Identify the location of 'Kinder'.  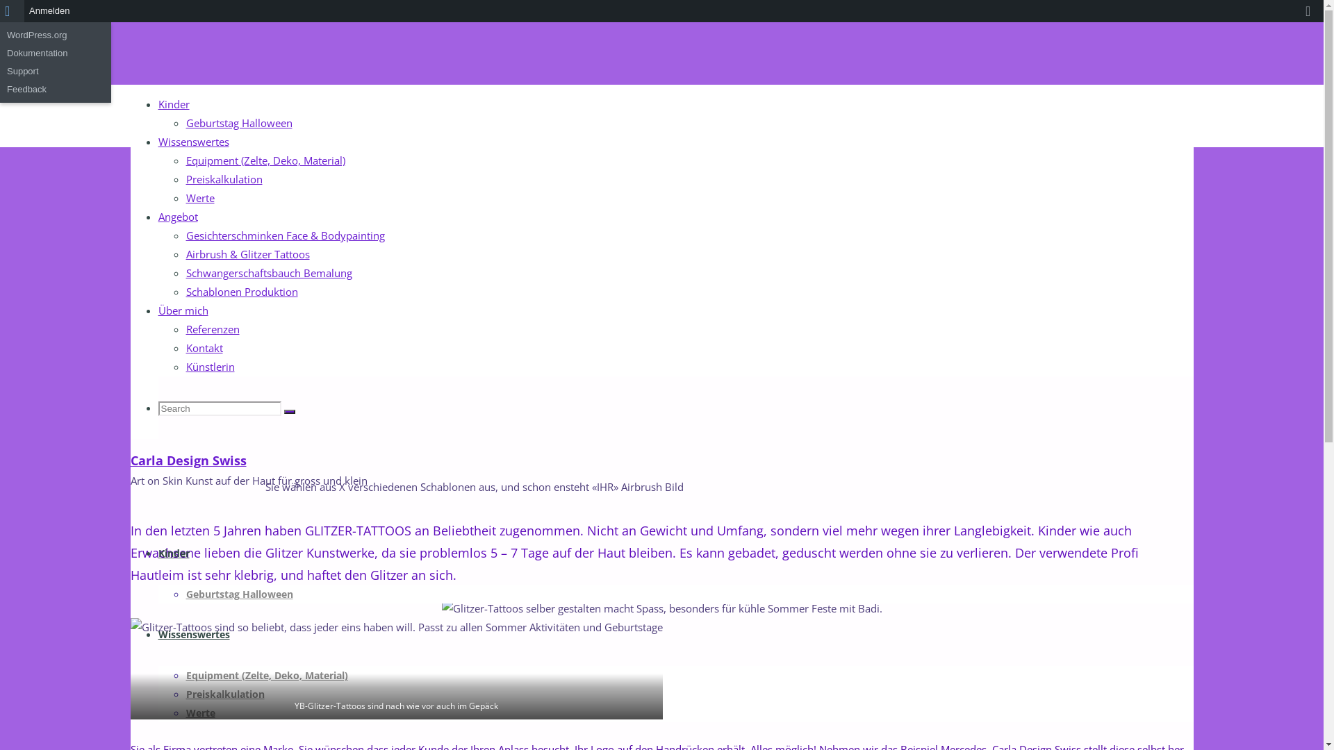
(173, 103).